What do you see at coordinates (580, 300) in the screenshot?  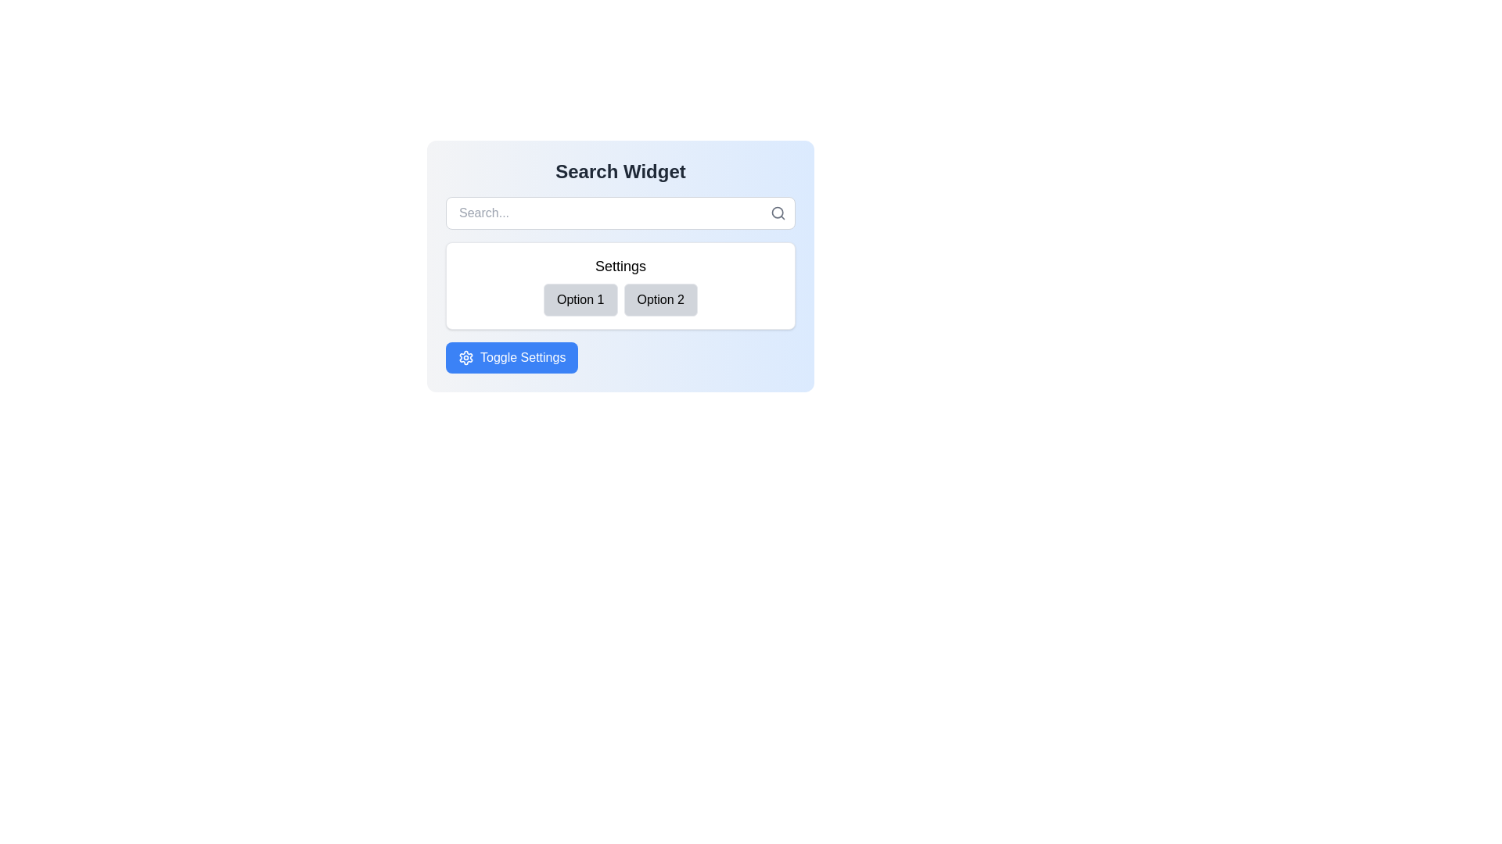 I see `the 'Option 1' button, which is a rectangular button with rounded corners and a light gray background located in the settings panel under the 'Search Widget' header` at bounding box center [580, 300].